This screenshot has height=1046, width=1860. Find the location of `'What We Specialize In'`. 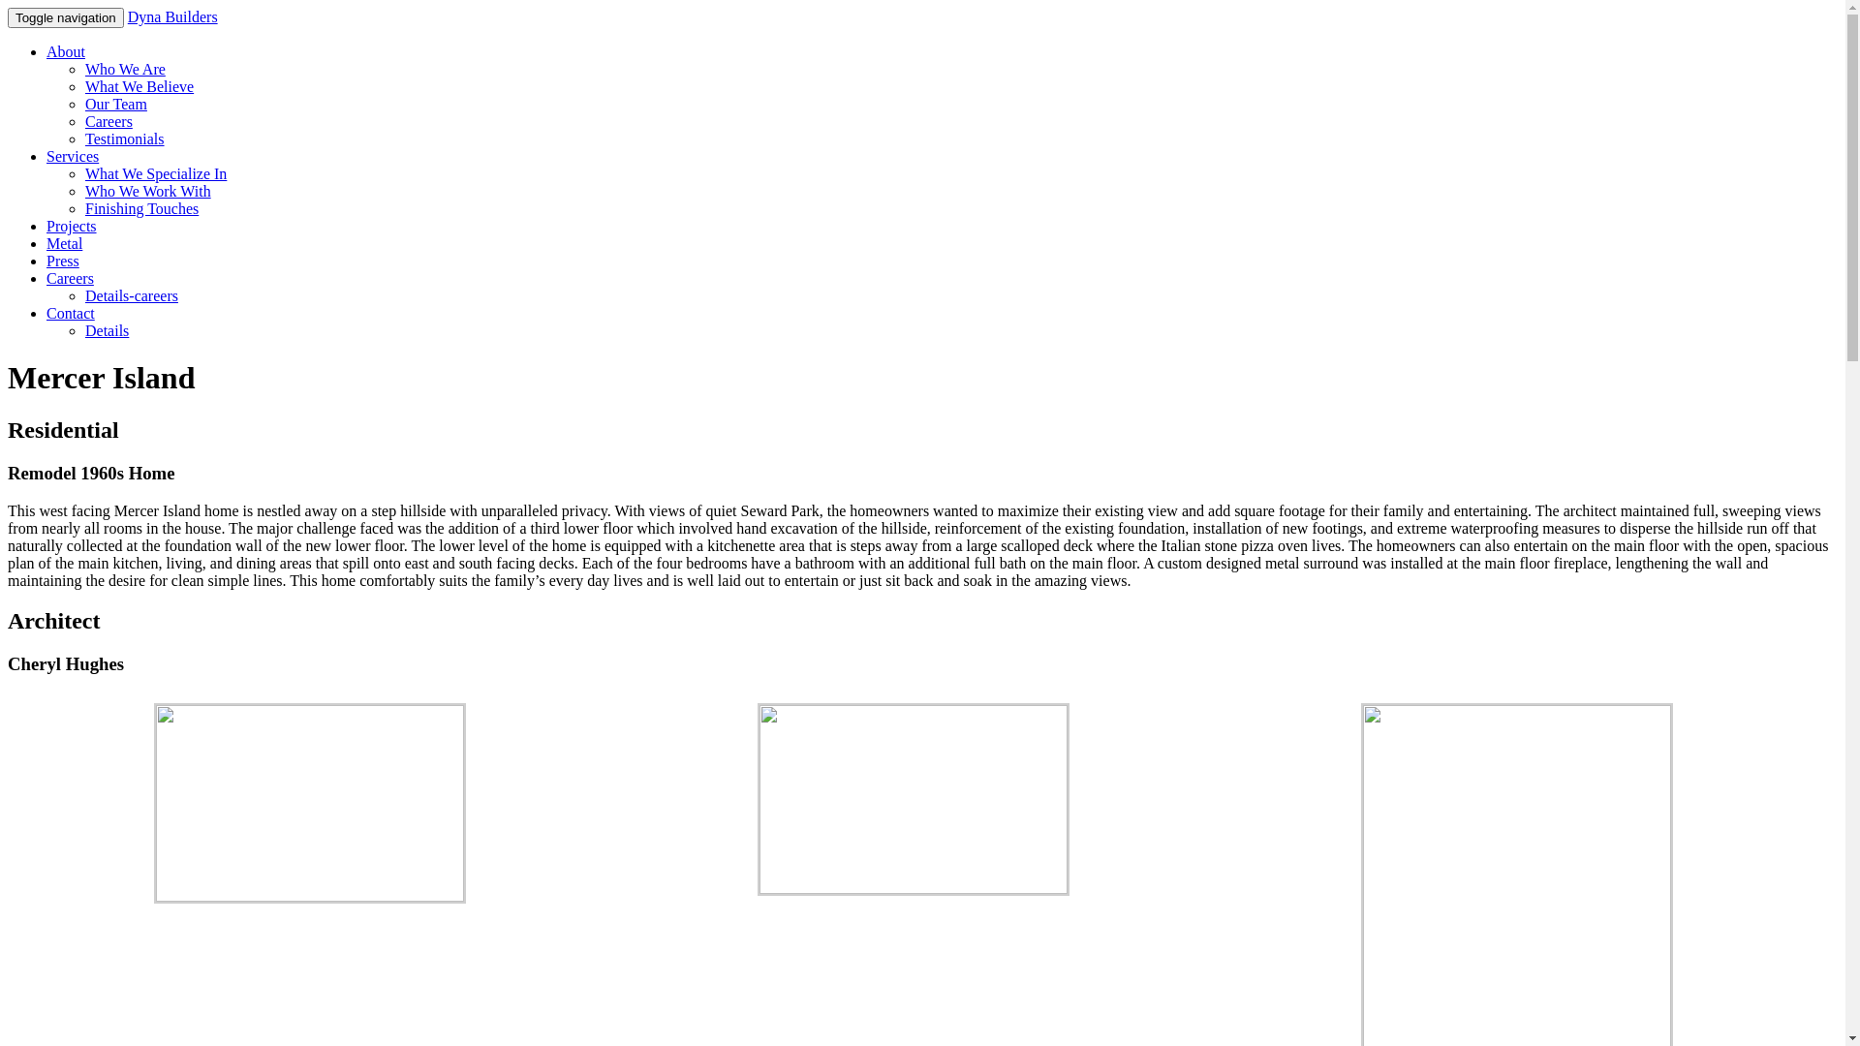

'What We Specialize In' is located at coordinates (156, 172).